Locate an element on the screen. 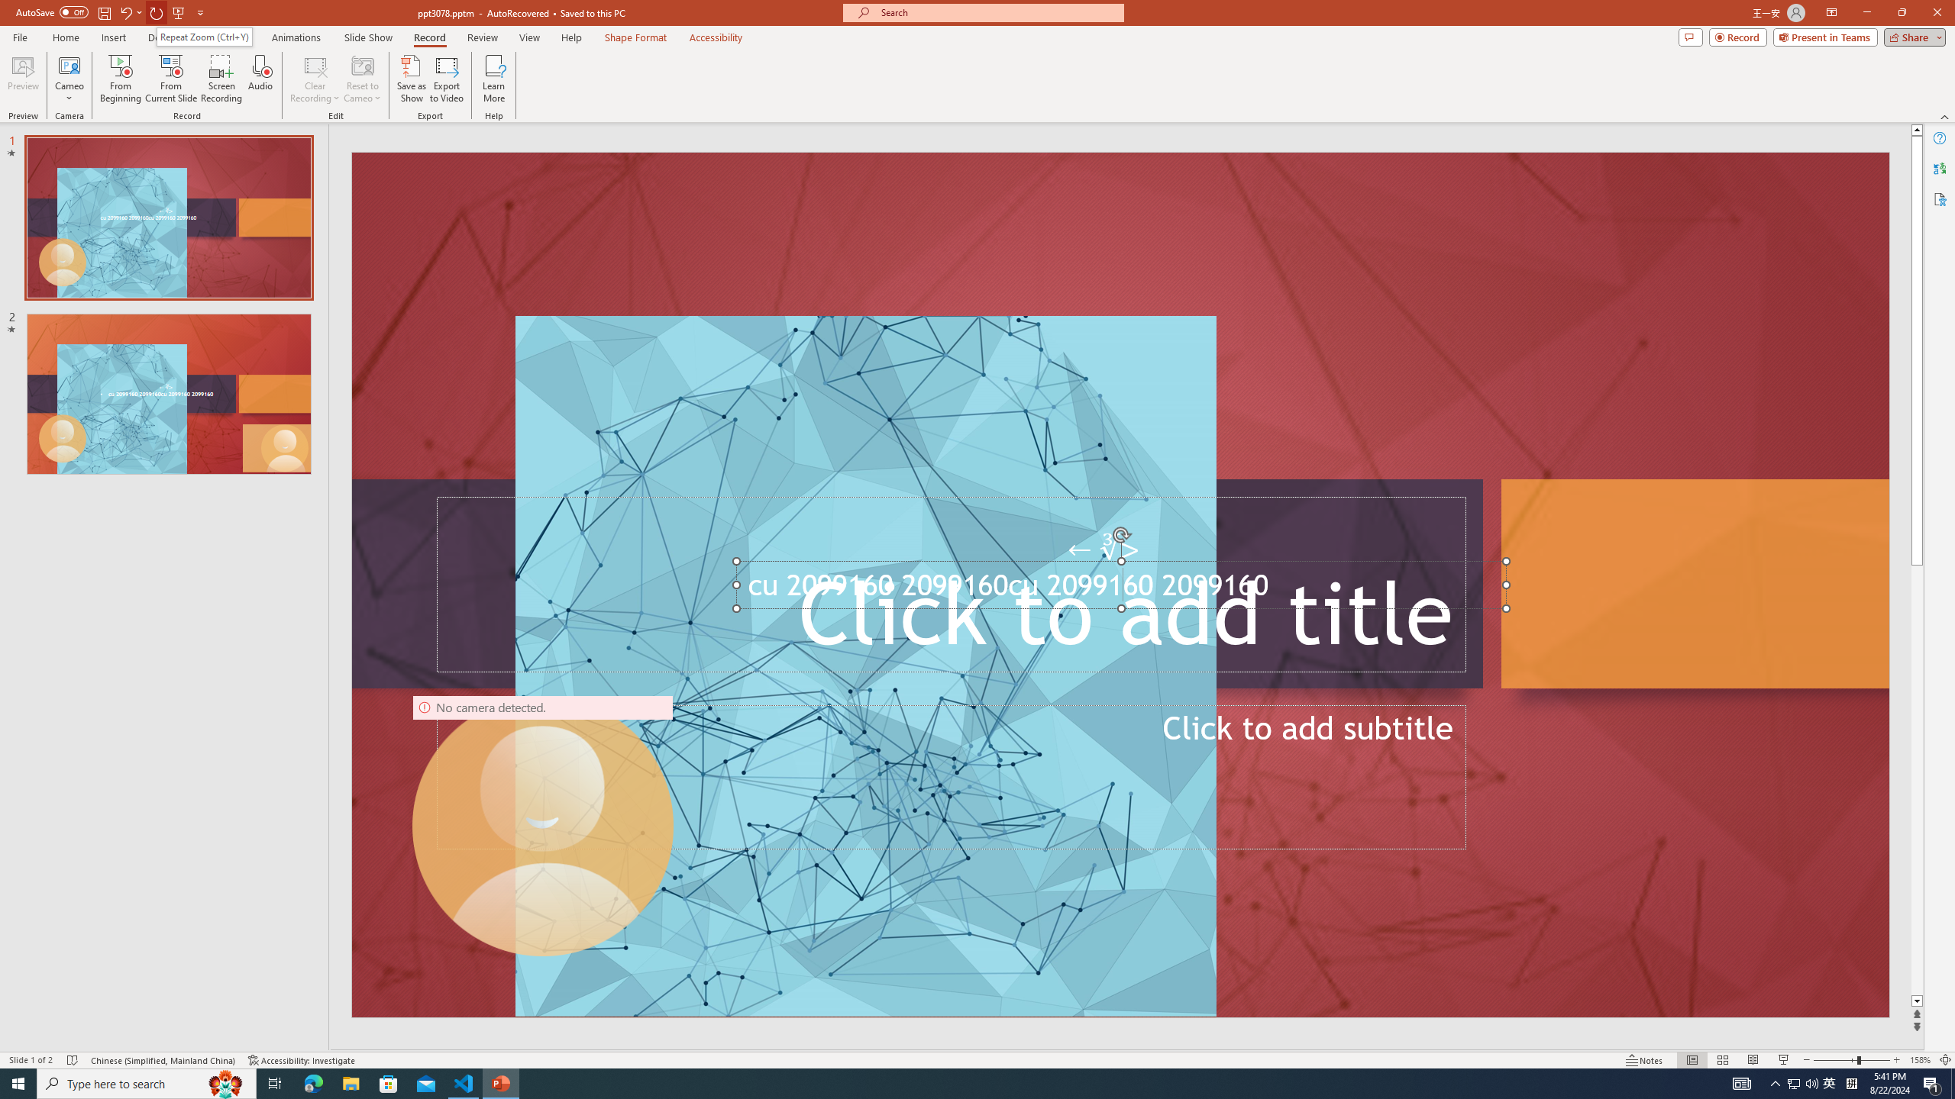 Image resolution: width=1955 pixels, height=1099 pixels. 'Reset to Cameo' is located at coordinates (361, 79).